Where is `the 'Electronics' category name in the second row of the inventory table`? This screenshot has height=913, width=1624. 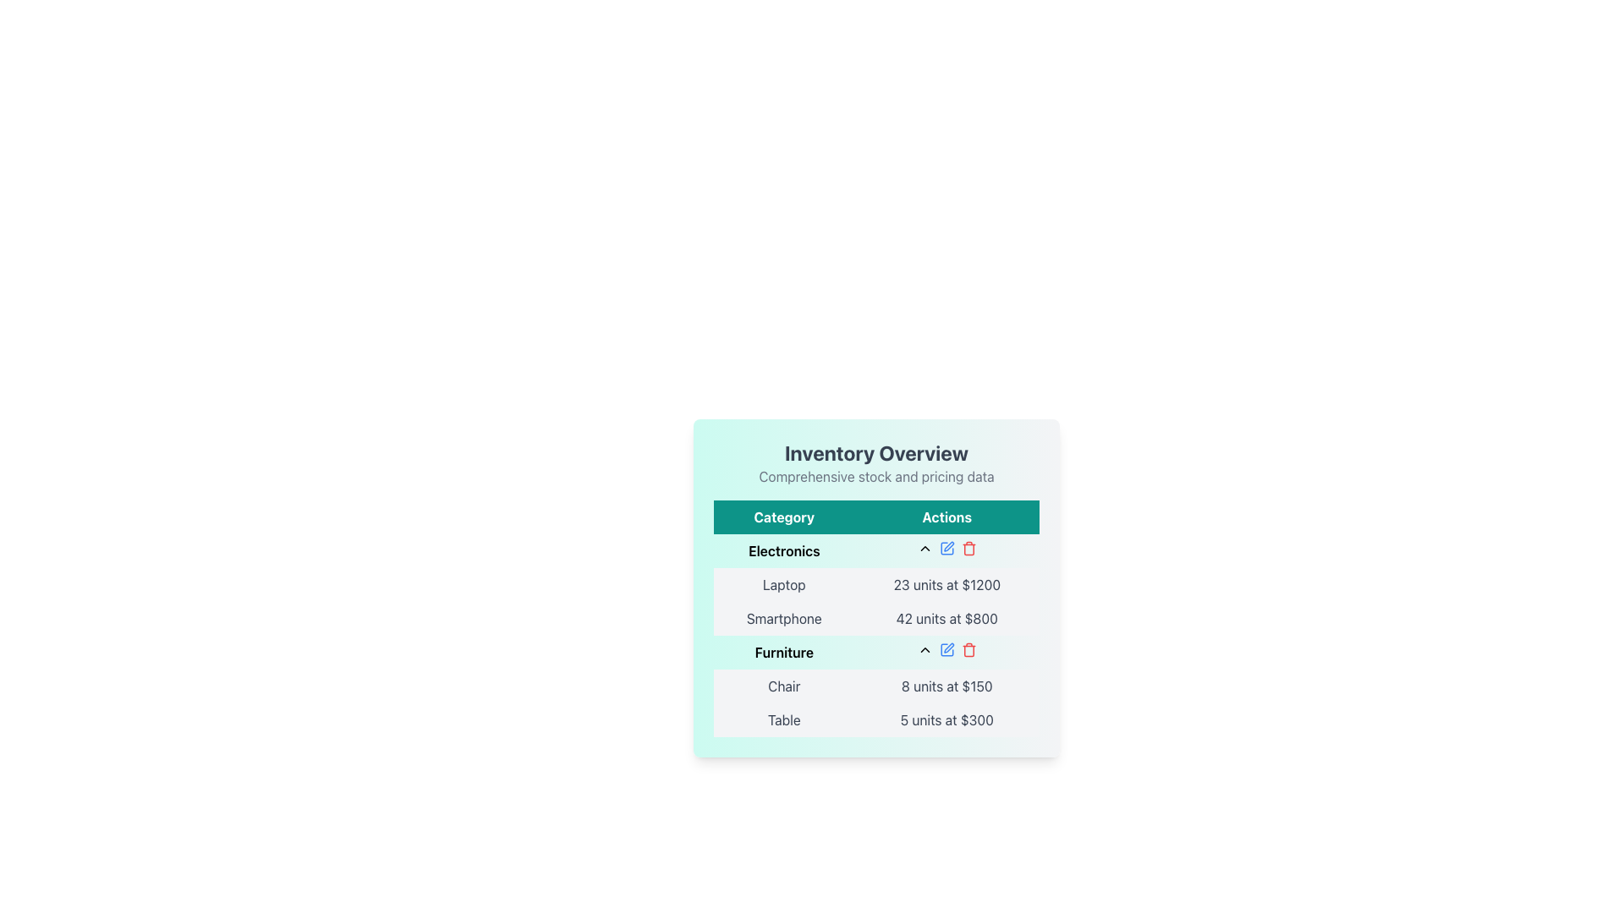 the 'Electronics' category name in the second row of the inventory table is located at coordinates (876, 550).